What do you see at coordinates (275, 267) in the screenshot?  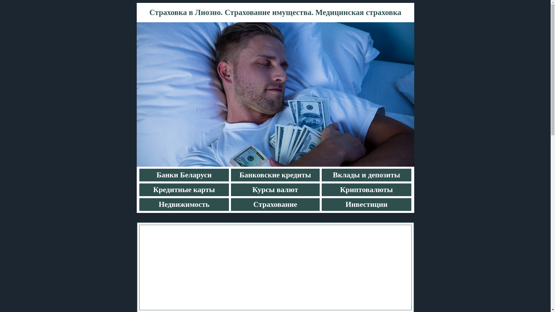 I see `'Advertisement'` at bounding box center [275, 267].